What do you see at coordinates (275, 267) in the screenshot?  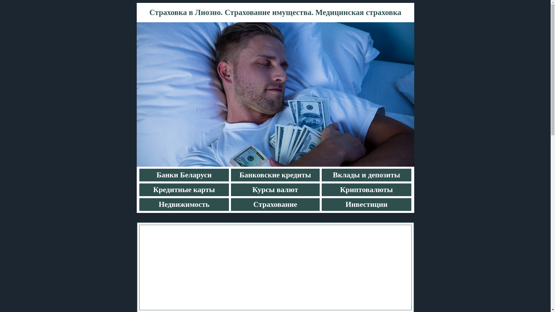 I see `'Advertisement'` at bounding box center [275, 267].